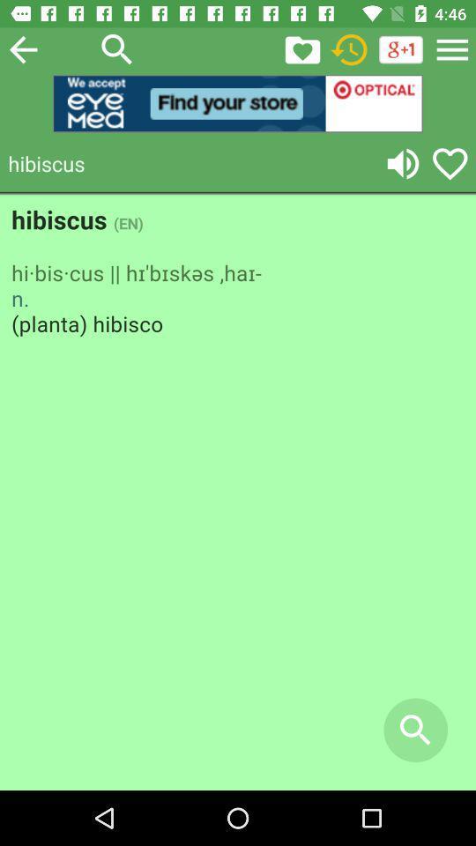 This screenshot has height=846, width=476. I want to click on the like, so click(450, 163).